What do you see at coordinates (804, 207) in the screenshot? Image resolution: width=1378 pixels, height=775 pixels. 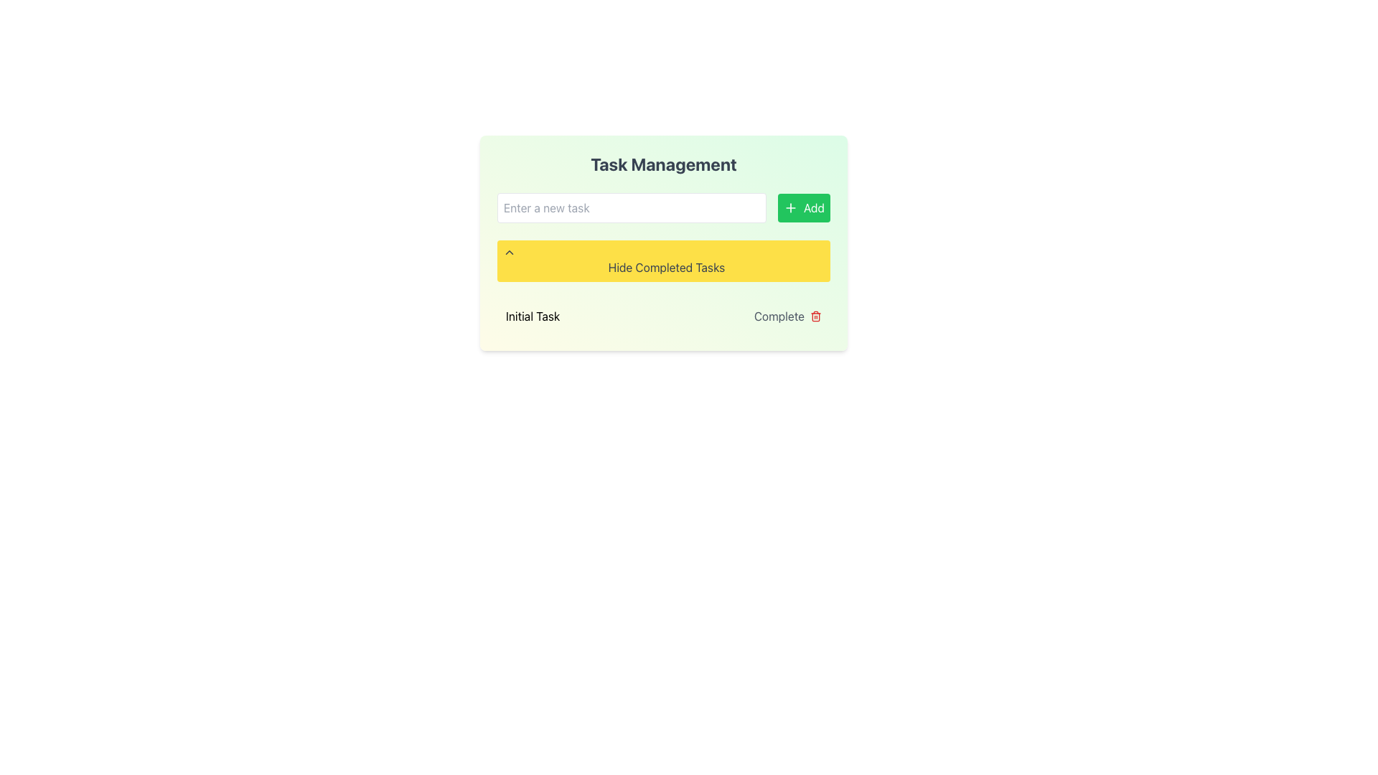 I see `the 'Add Task' button located on the right side of the input field in the task management section to observe its hover effect` at bounding box center [804, 207].